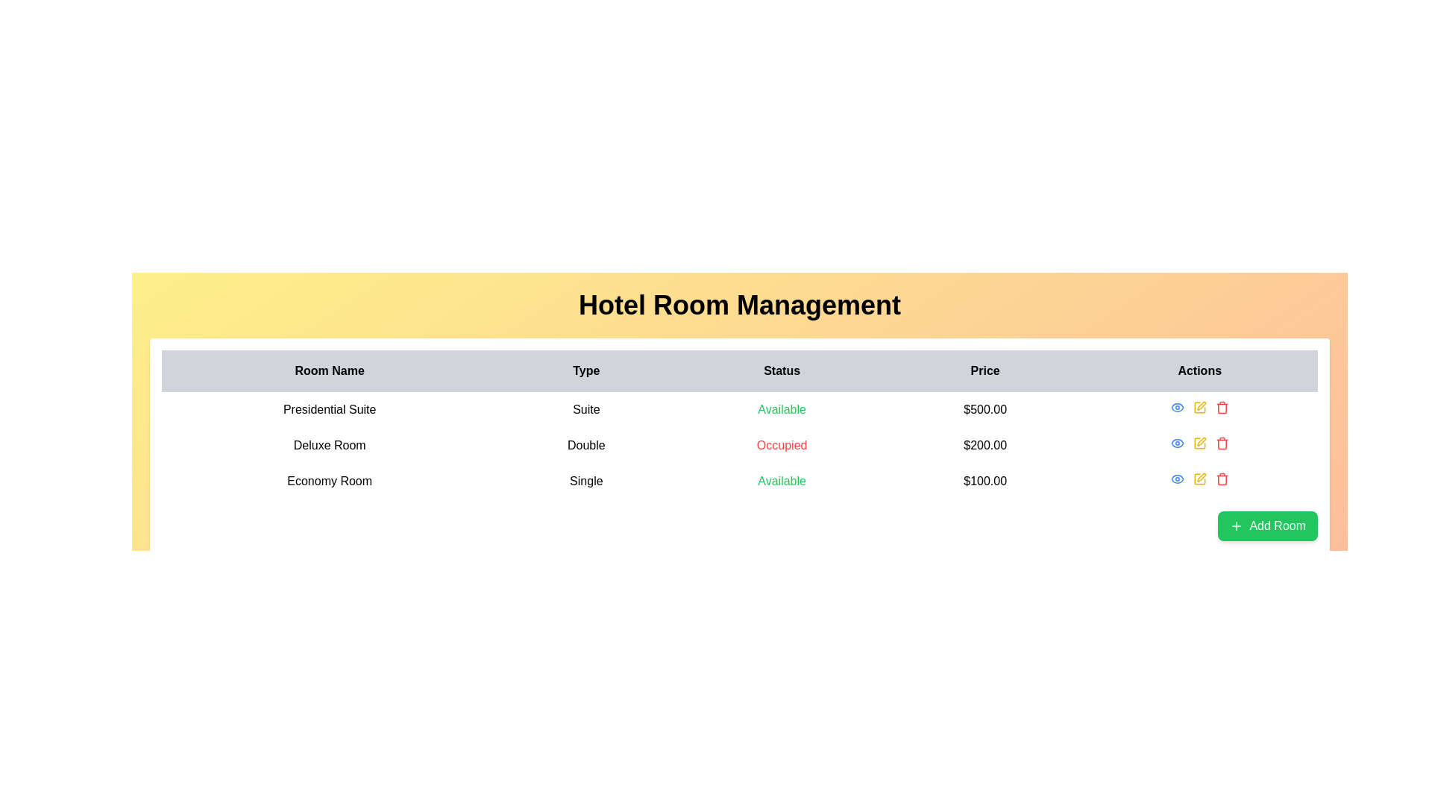  What do you see at coordinates (585, 444) in the screenshot?
I see `the 'Double' text label in the 'Type' column of the 'Deluxe Room' row in the hotel room management table` at bounding box center [585, 444].